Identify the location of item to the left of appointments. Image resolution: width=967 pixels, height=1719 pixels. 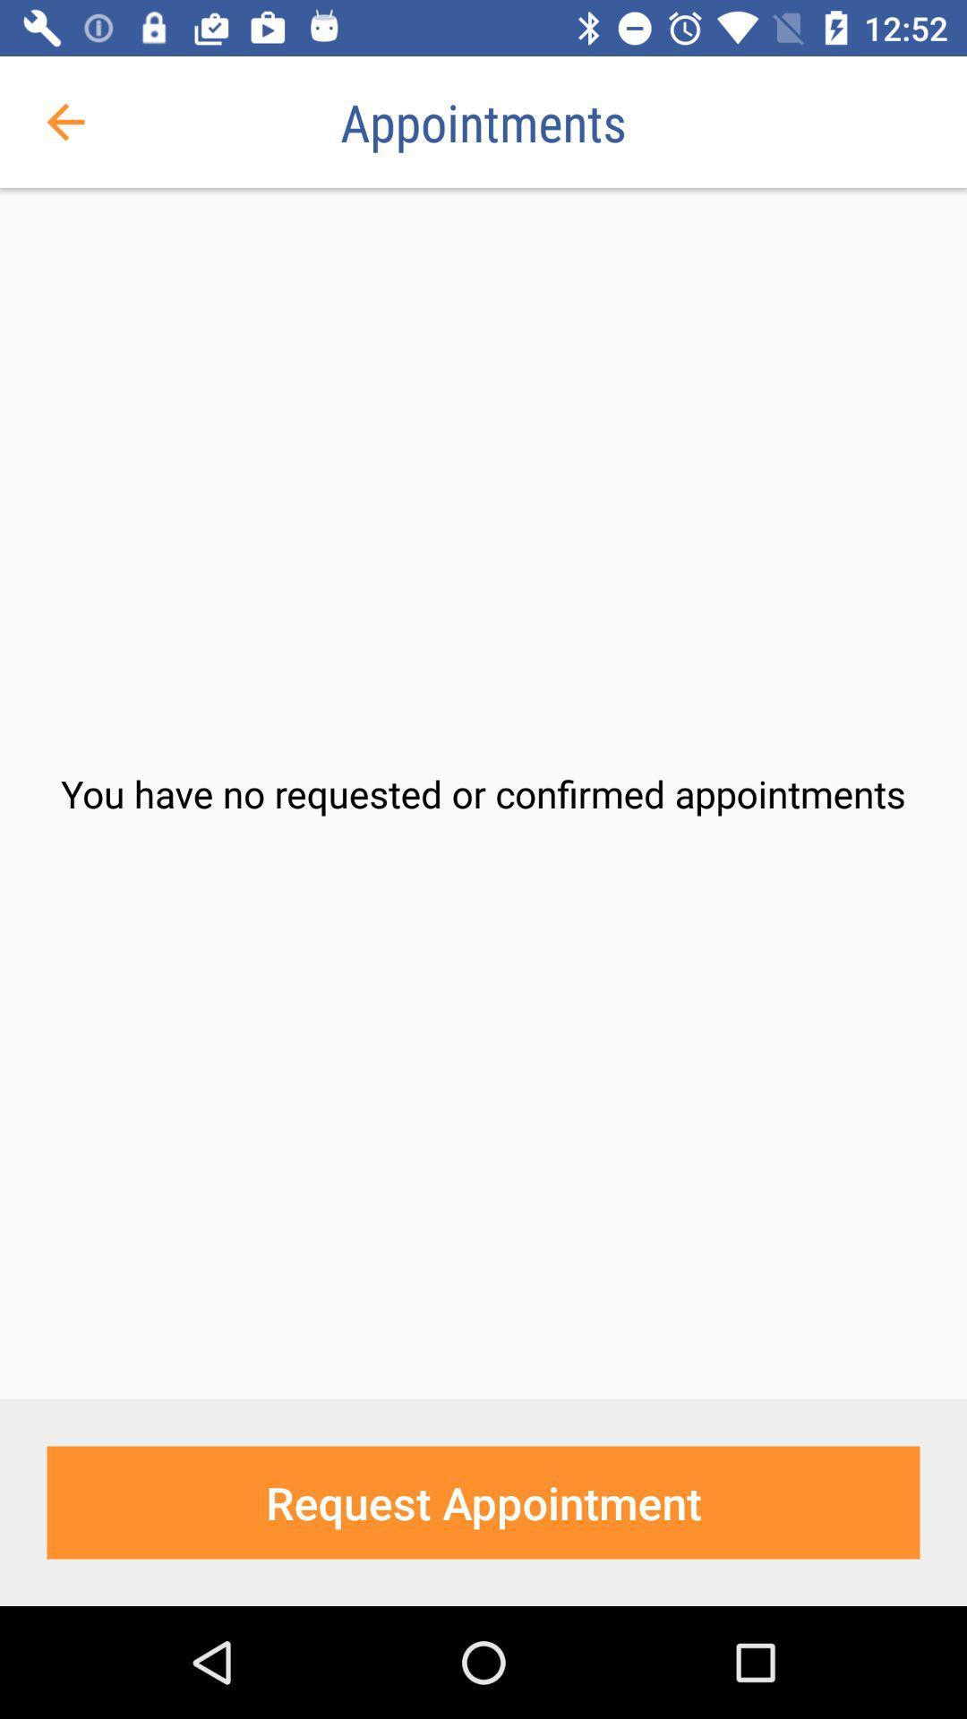
(64, 121).